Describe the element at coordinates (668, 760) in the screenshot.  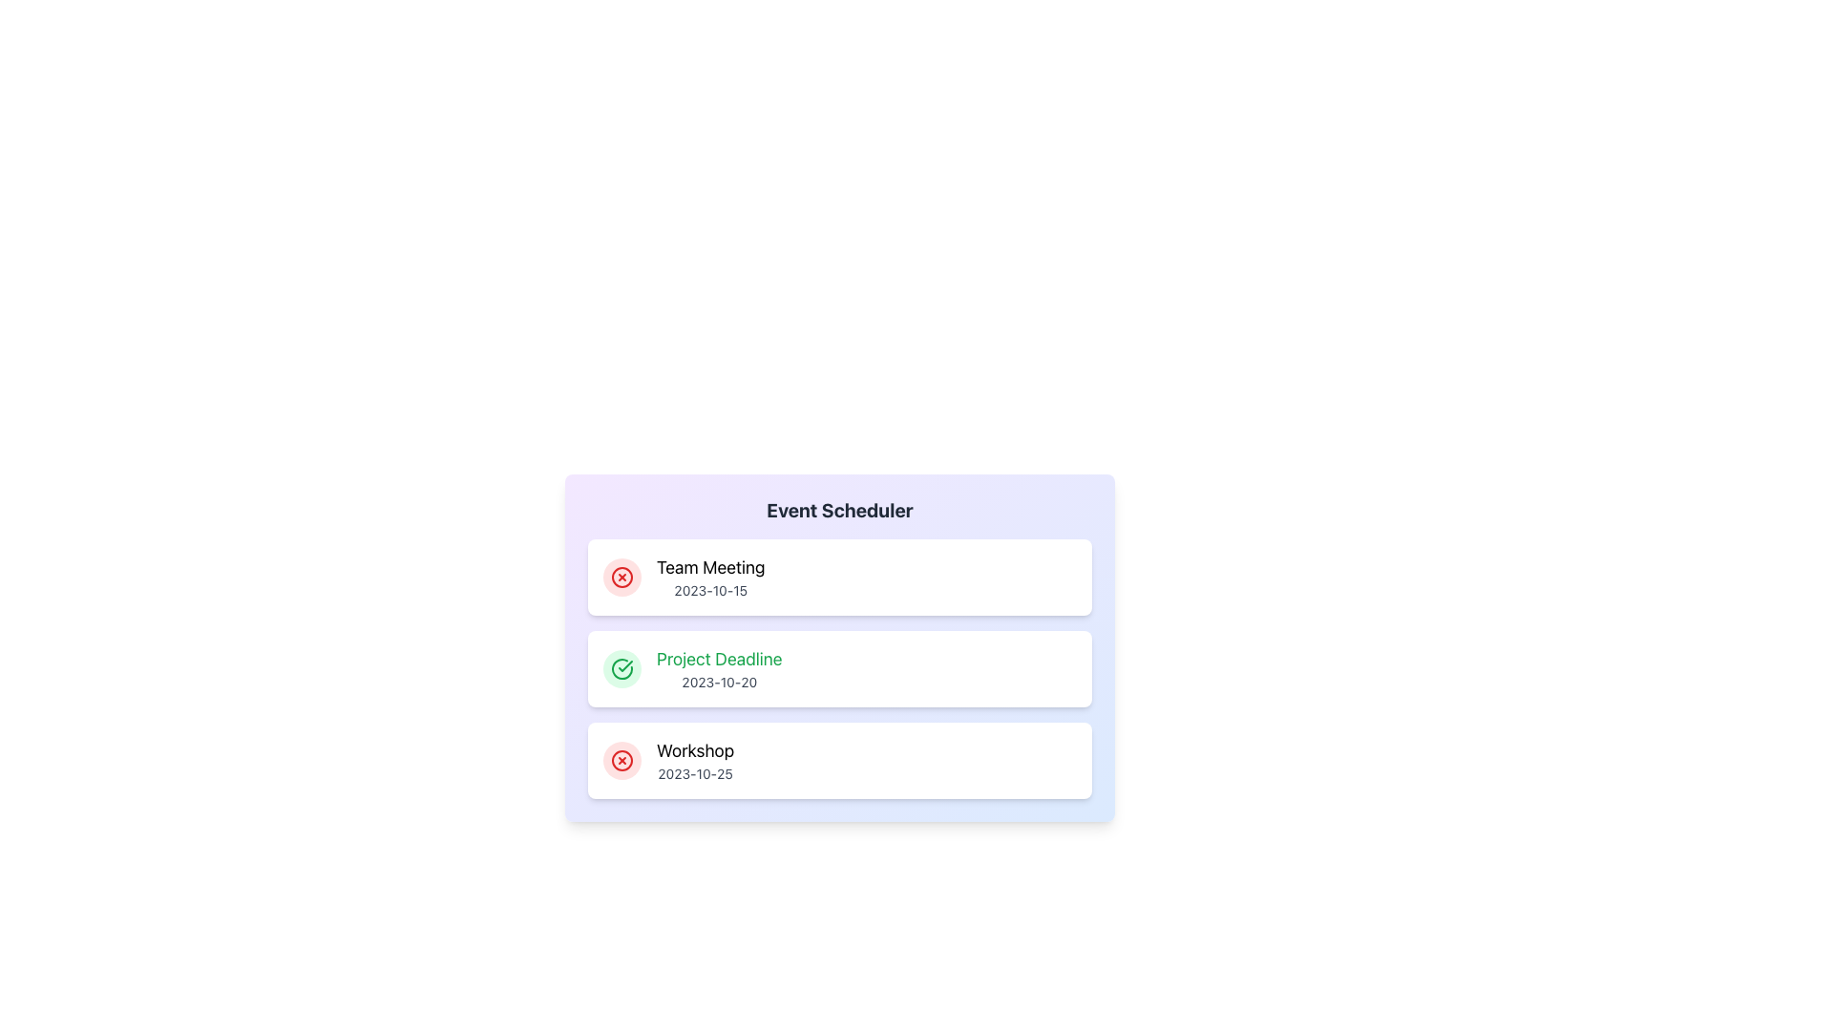
I see `text information displayed in the 'Workshop' event card, which includes the name 'Workshop' and the date '2023-10-25'` at that location.